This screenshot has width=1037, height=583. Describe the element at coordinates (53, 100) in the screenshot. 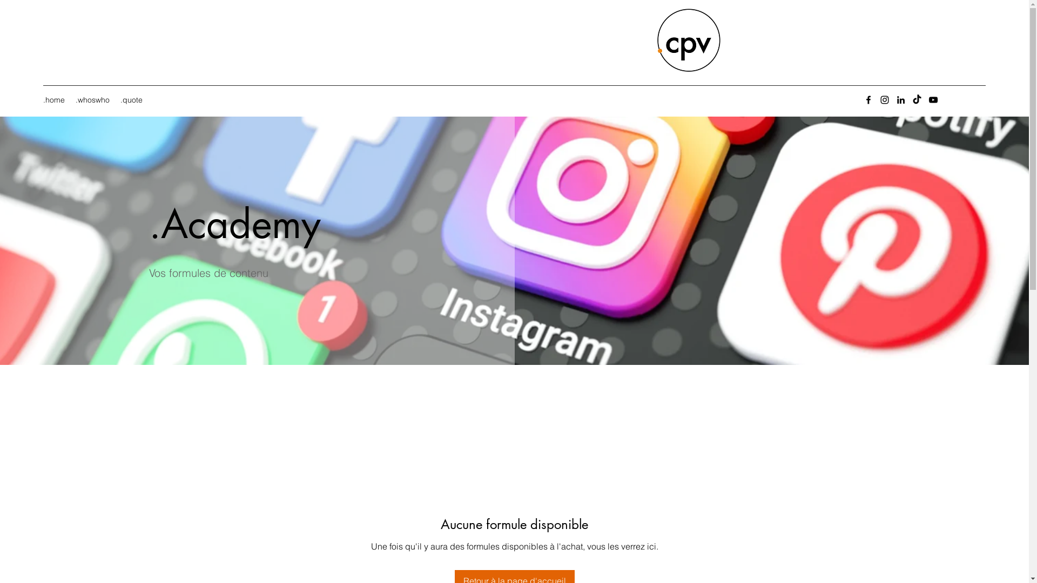

I see `'.home'` at that location.